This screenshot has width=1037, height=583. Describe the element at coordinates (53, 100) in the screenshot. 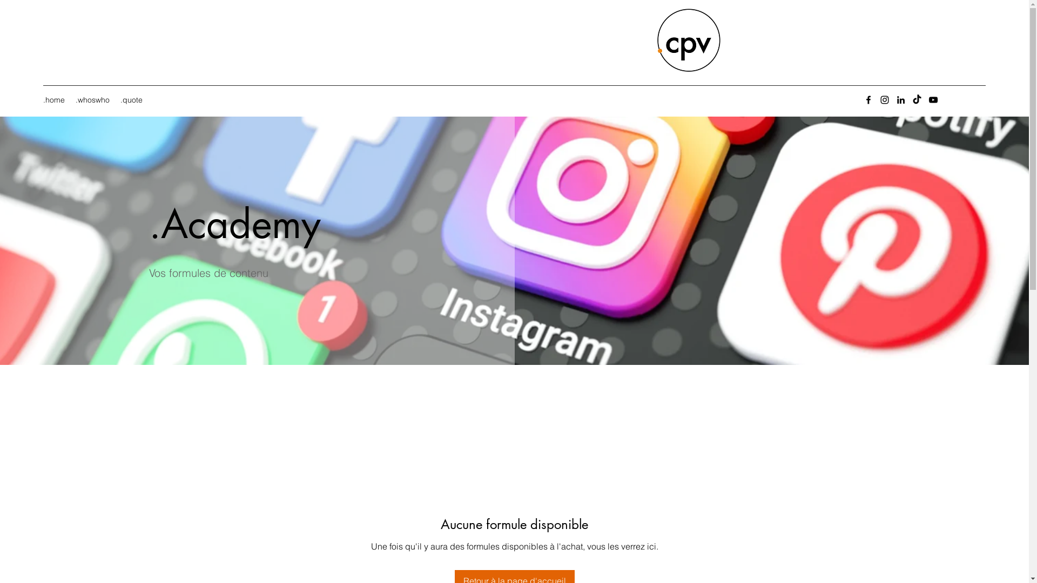

I see `'.home'` at that location.